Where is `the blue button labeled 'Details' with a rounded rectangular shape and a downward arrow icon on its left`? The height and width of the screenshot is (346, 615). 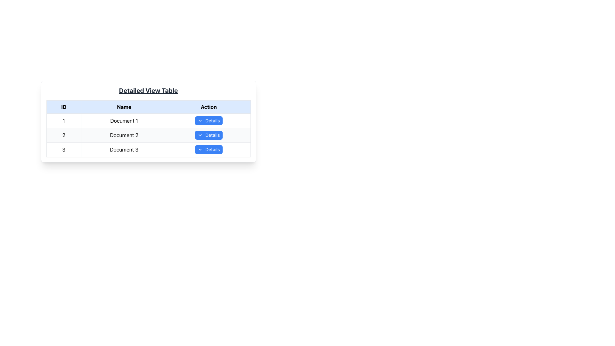
the blue button labeled 'Details' with a rounded rectangular shape and a downward arrow icon on its left is located at coordinates (209, 121).